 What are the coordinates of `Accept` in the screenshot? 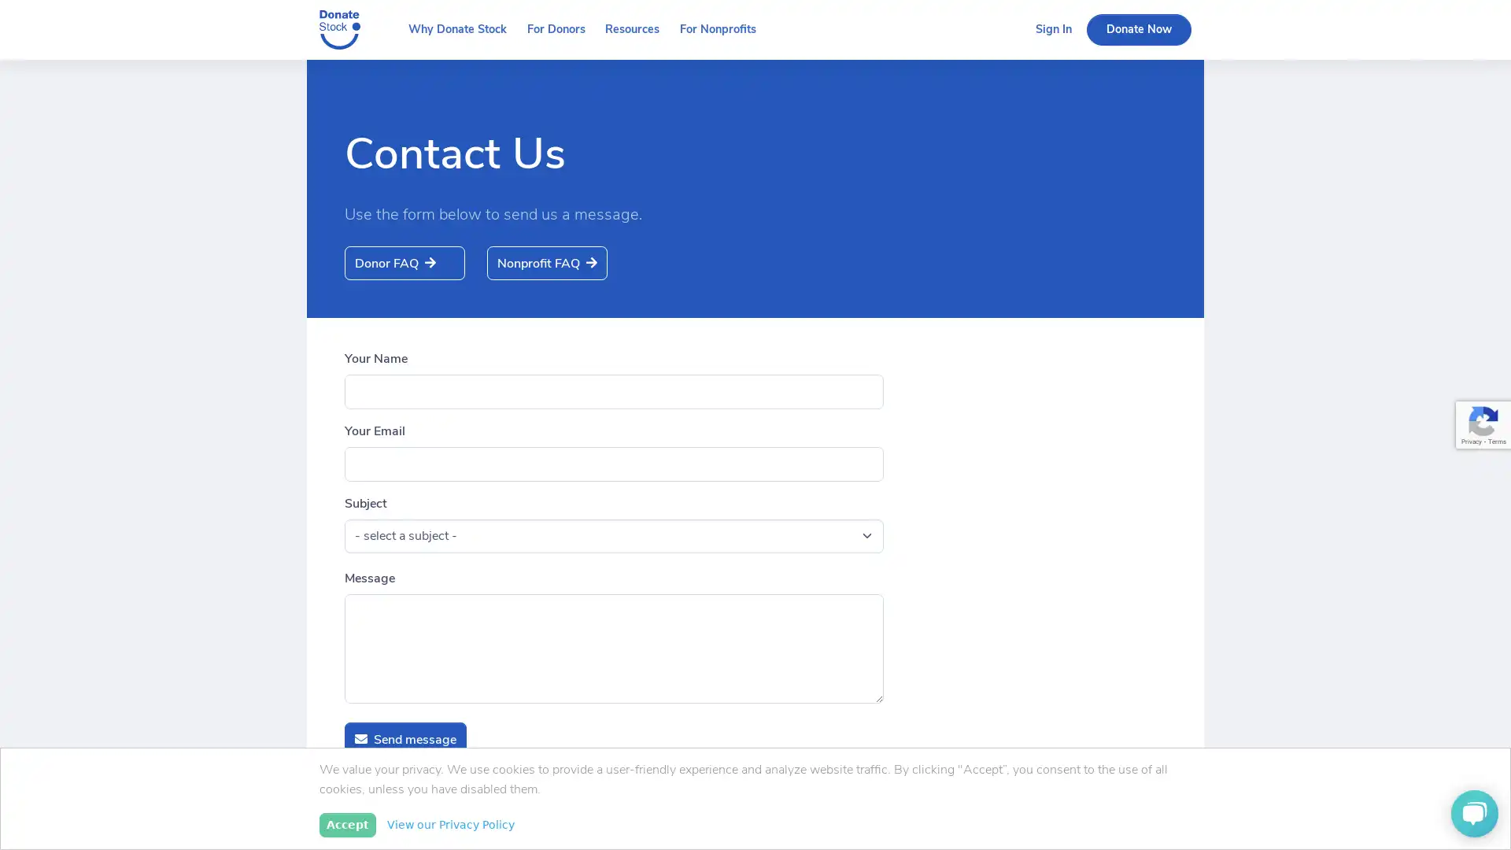 It's located at (346, 824).